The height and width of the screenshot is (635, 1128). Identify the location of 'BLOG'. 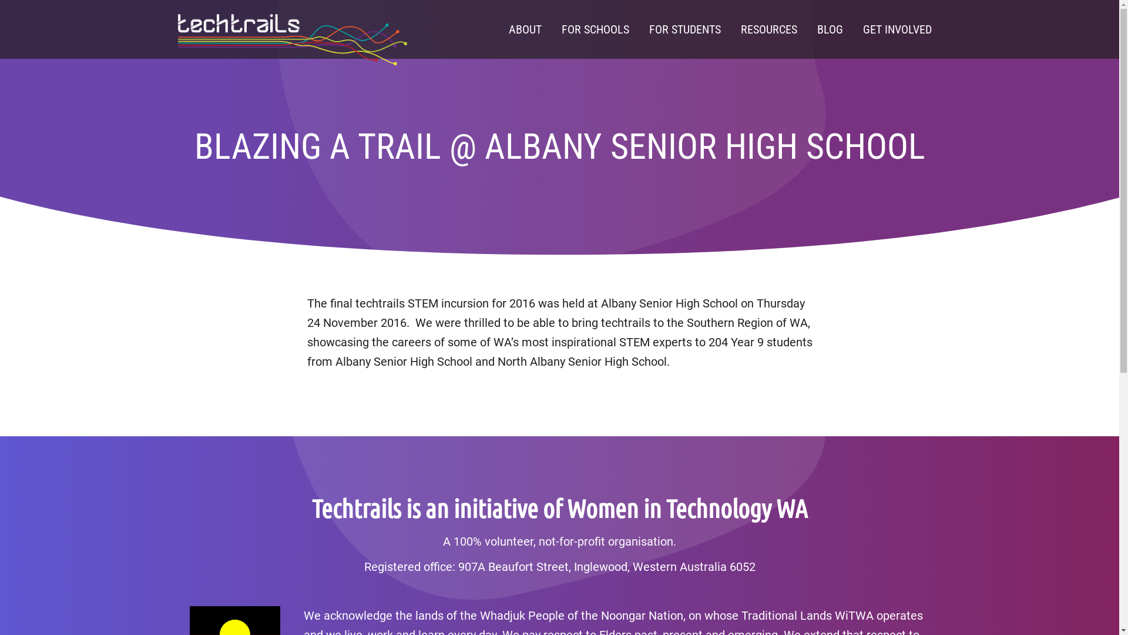
(829, 29).